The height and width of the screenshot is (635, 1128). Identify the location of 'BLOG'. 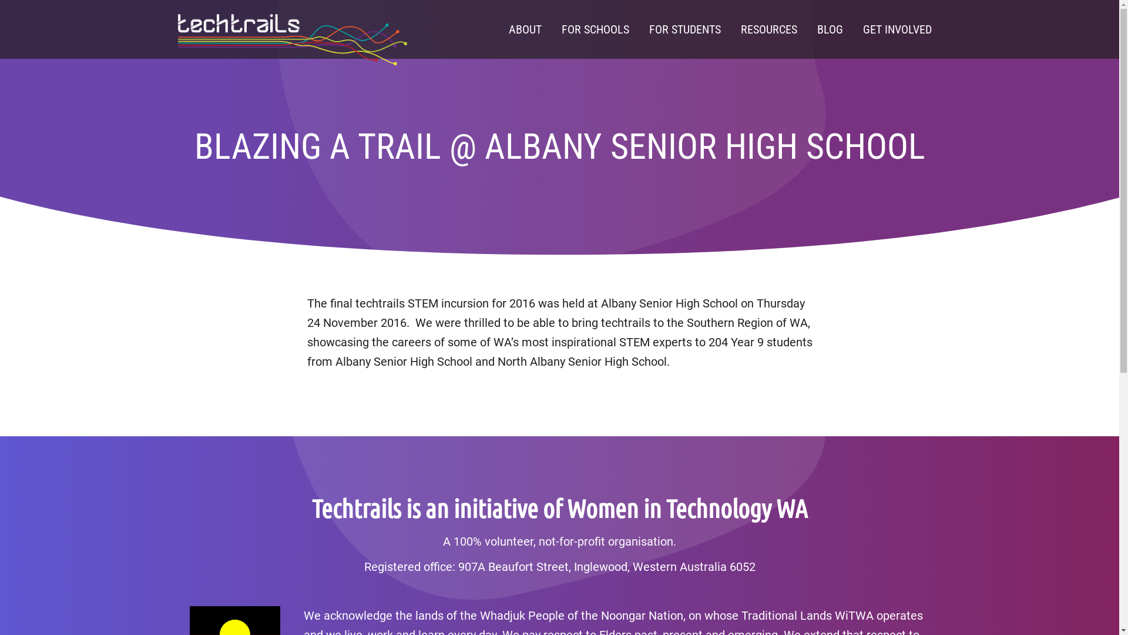
(829, 29).